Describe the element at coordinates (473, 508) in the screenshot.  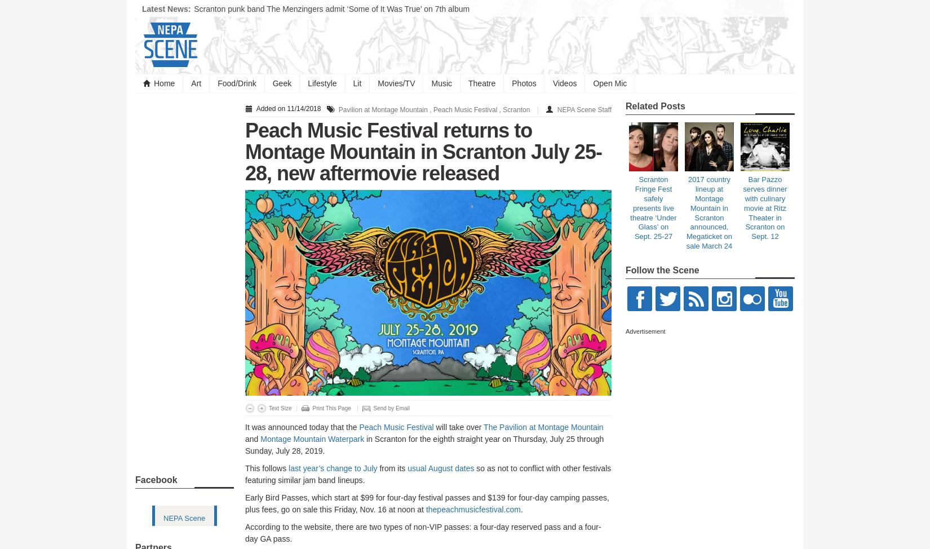
I see `'thepeachmusicfestival.com'` at that location.